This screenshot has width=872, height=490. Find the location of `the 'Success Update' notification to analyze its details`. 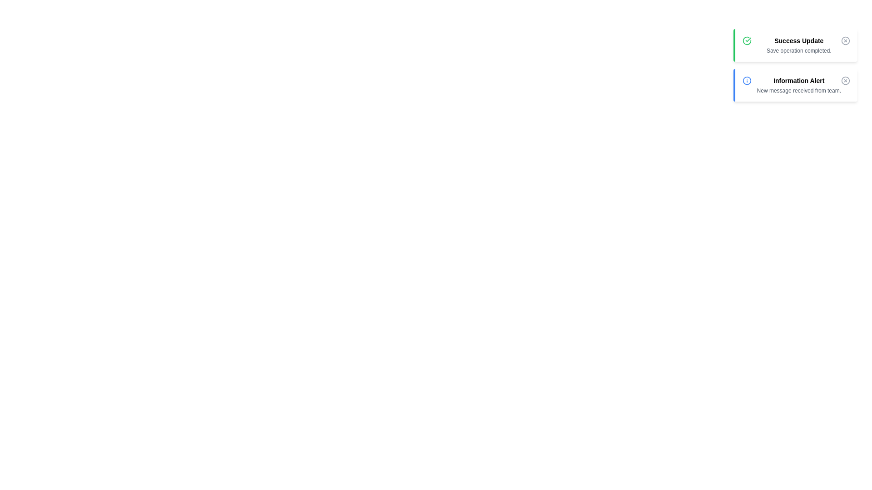

the 'Success Update' notification to analyze its details is located at coordinates (795, 45).